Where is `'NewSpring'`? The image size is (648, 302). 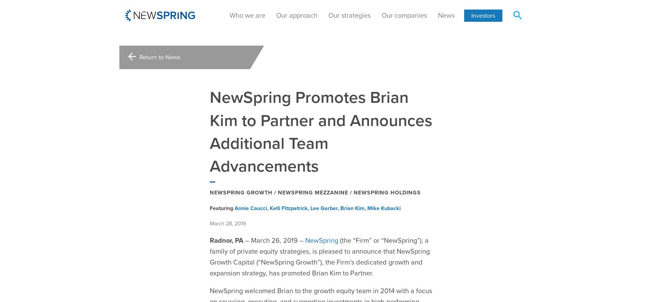
'NewSpring' is located at coordinates (321, 223).